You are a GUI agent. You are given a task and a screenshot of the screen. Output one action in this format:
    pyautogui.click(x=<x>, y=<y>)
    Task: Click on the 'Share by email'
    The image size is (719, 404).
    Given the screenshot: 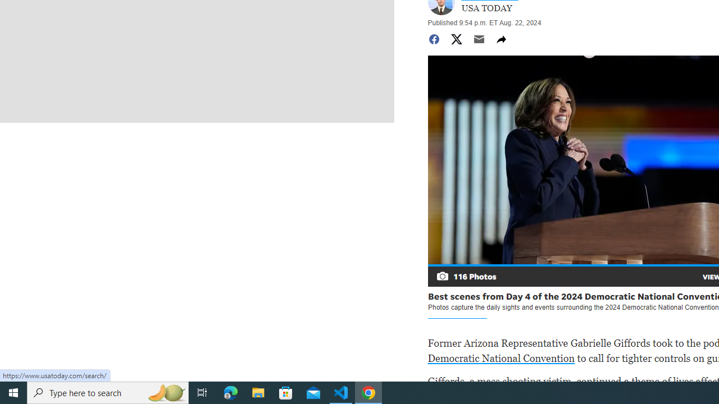 What is the action you would take?
    pyautogui.click(x=479, y=38)
    